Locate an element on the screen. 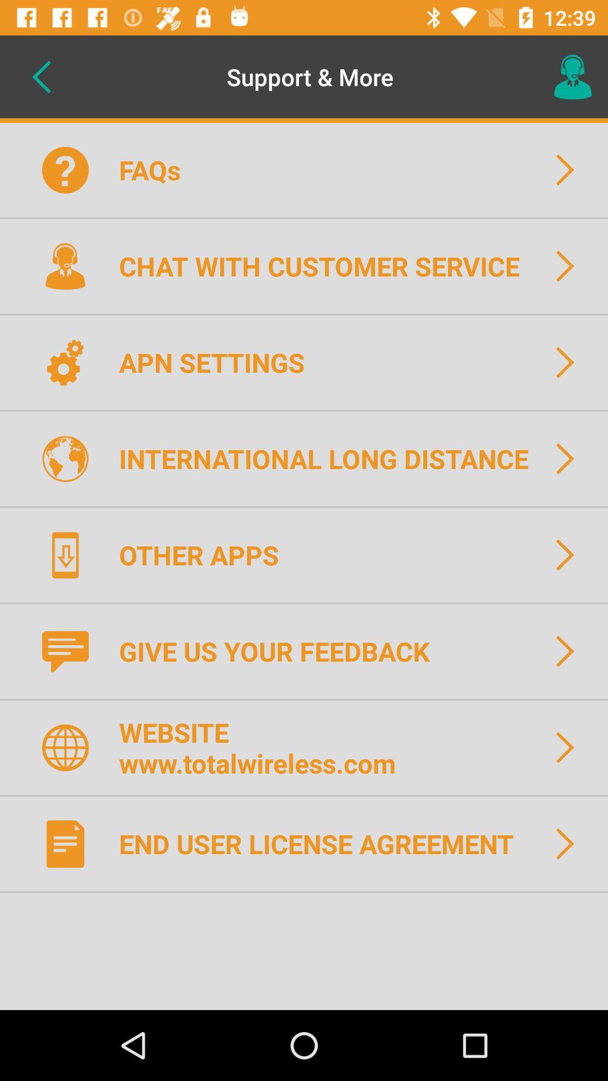  the item above website www totalwireless icon is located at coordinates (281, 651).